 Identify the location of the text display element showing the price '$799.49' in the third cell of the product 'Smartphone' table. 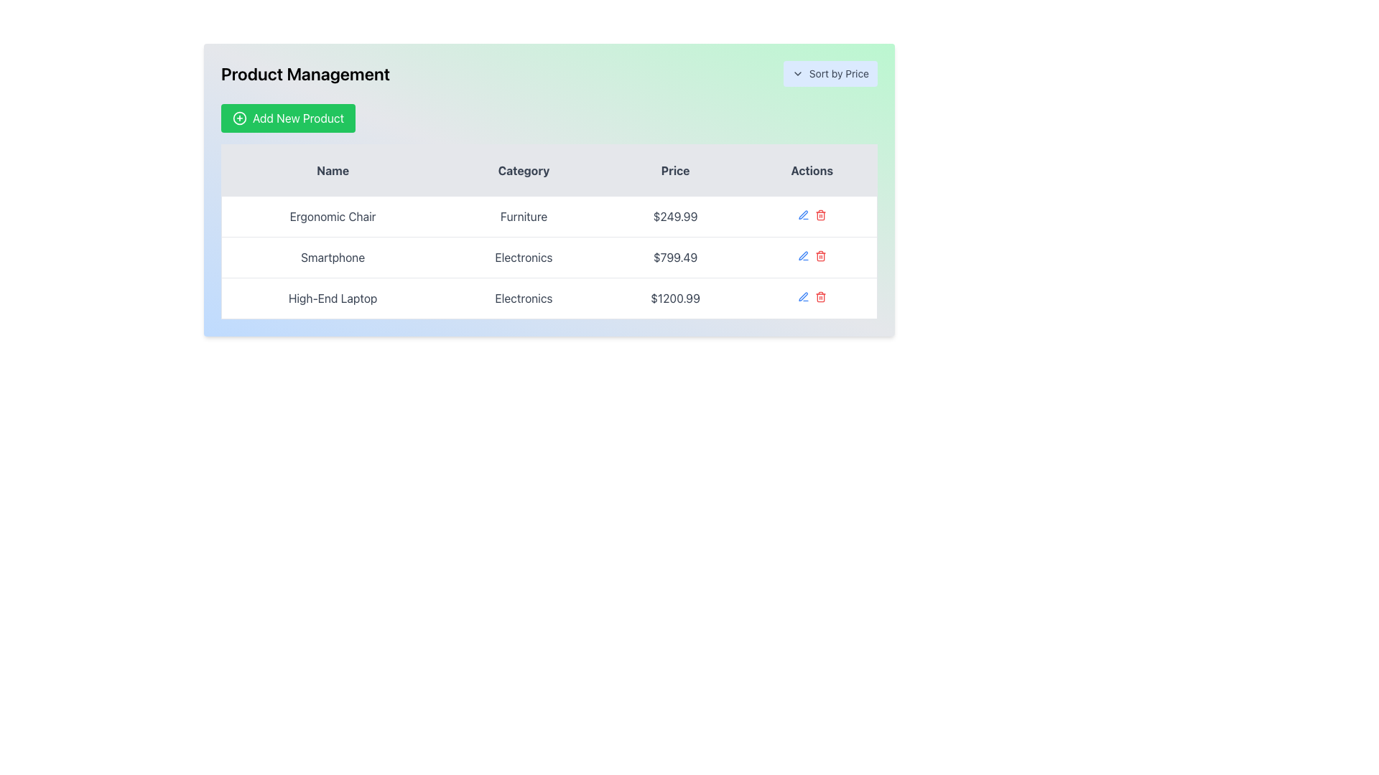
(674, 256).